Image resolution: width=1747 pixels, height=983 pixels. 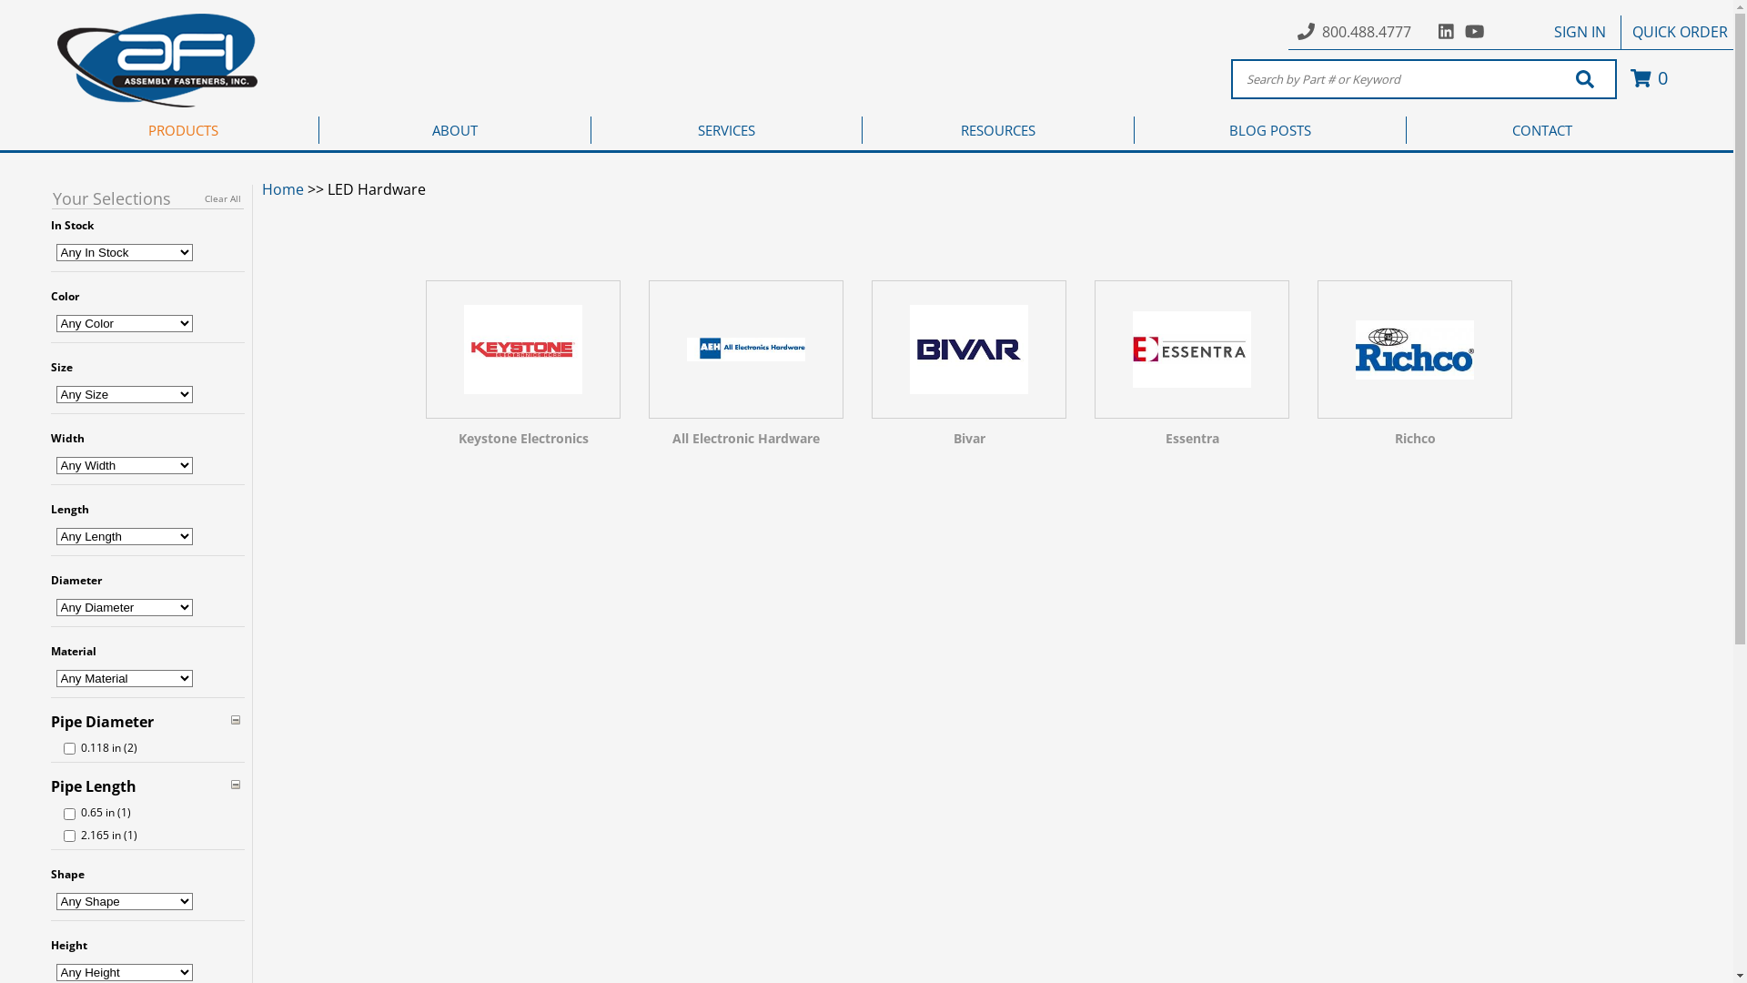 I want to click on 'PRODUCTS', so click(x=183, y=128).